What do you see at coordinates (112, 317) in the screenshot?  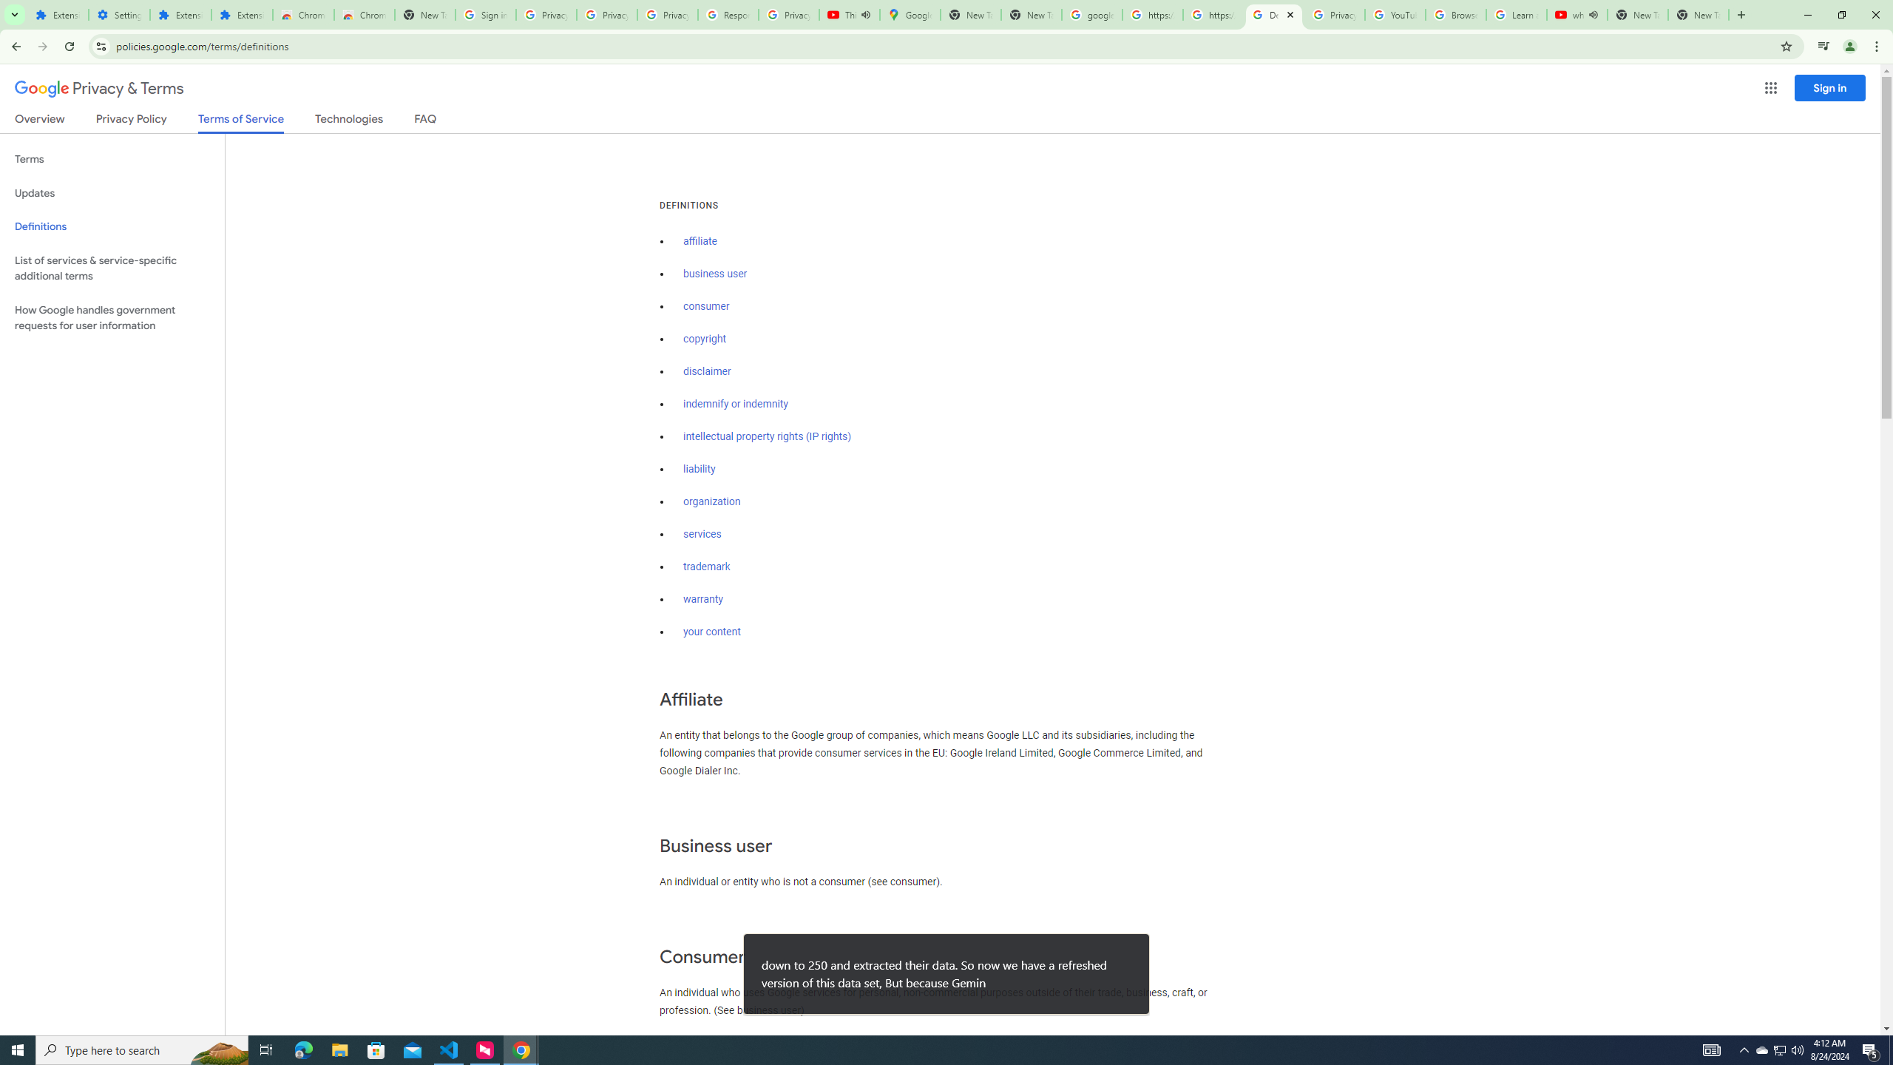 I see `'How Google handles government requests for user information'` at bounding box center [112, 317].